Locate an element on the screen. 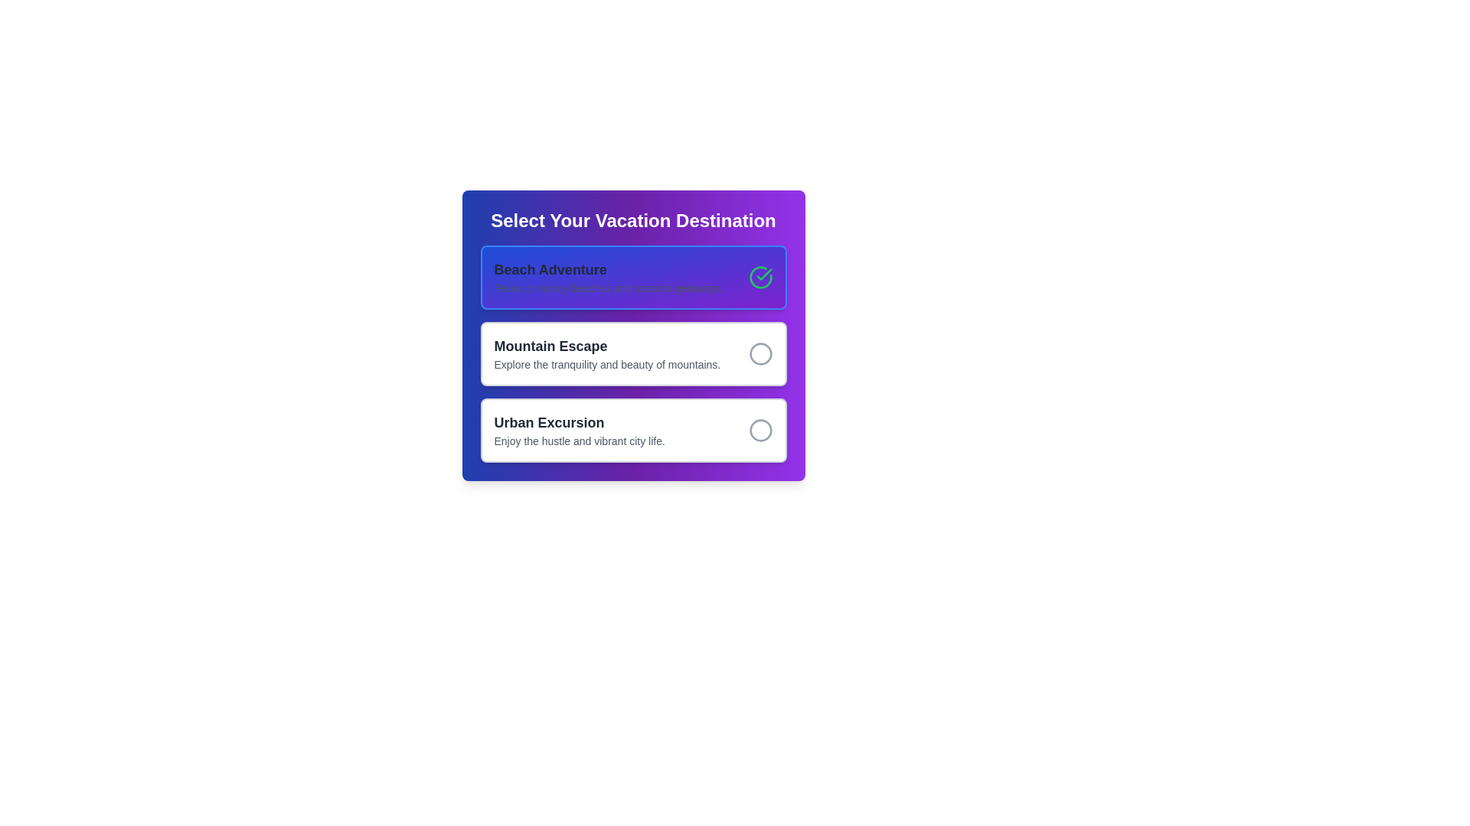  the radio button for the 'Urban Excursion' option is located at coordinates (760, 431).